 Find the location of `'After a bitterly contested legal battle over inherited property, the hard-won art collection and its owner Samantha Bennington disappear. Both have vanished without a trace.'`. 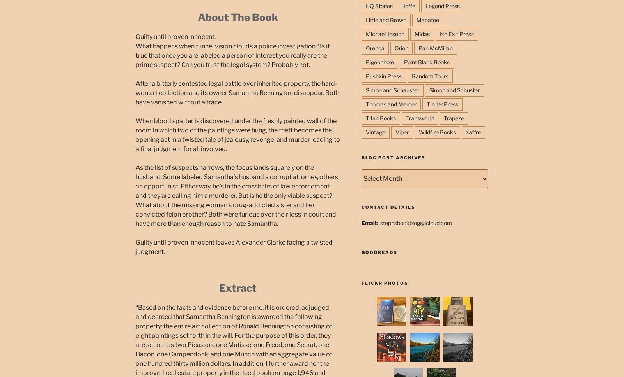

'After a bitterly contested legal battle over inherited property, the hard-won art collection and its owner Samantha Bennington disappear. Both have vanished without a trace.' is located at coordinates (237, 92).